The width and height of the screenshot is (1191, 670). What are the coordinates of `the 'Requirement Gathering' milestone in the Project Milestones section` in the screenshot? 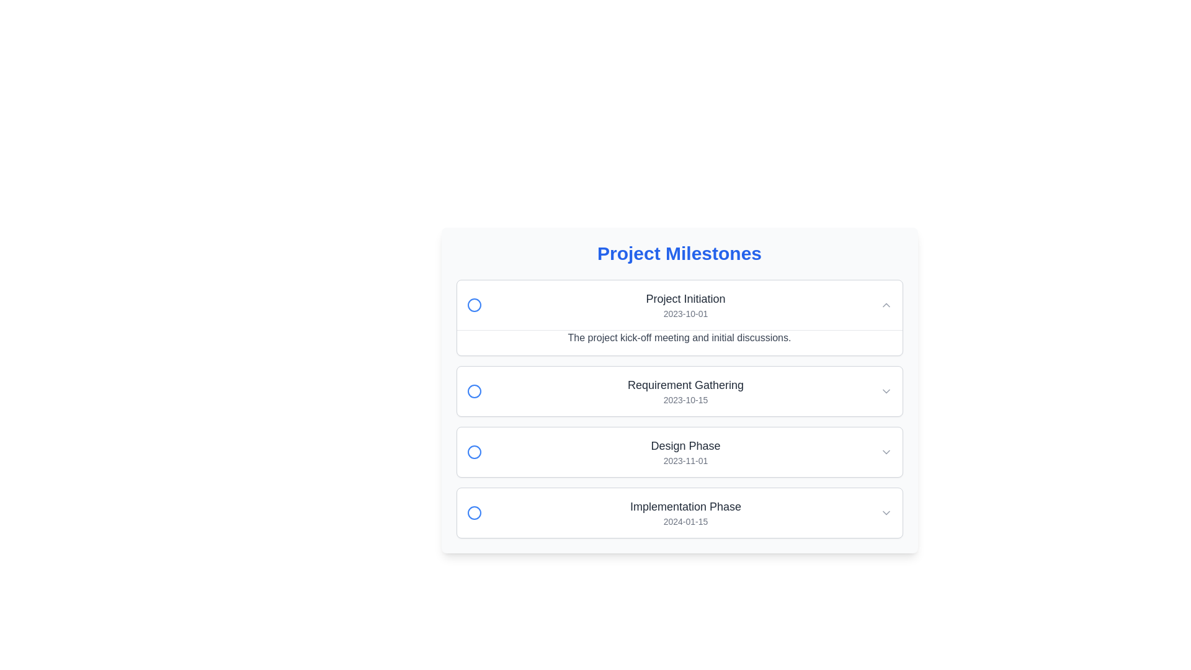 It's located at (679, 391).